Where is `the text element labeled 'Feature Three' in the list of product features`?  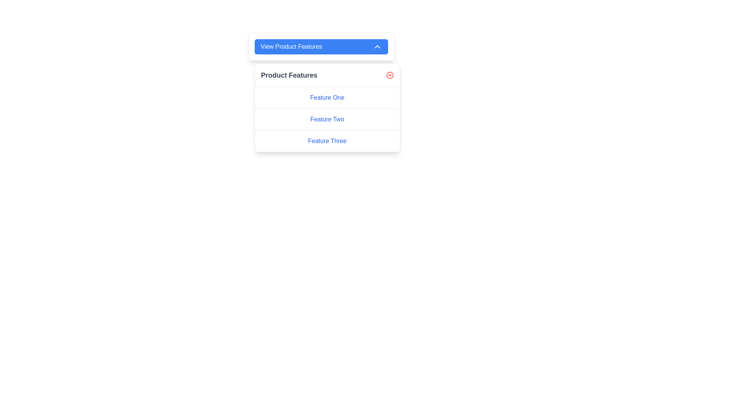 the text element labeled 'Feature Three' in the list of product features is located at coordinates (327, 141).